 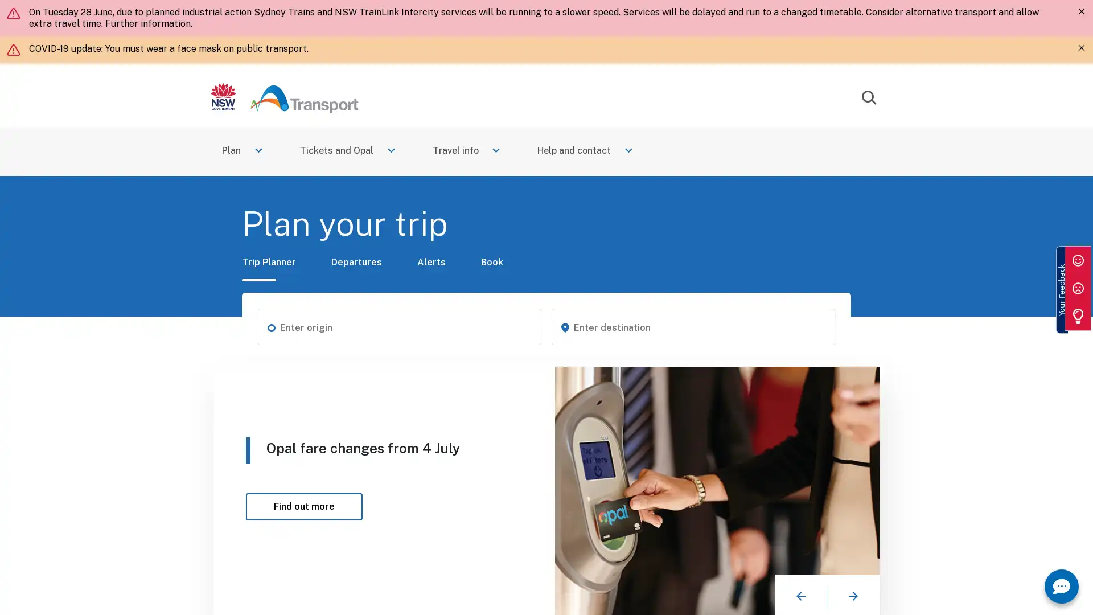 I want to click on search for stops, so click(x=565, y=327).